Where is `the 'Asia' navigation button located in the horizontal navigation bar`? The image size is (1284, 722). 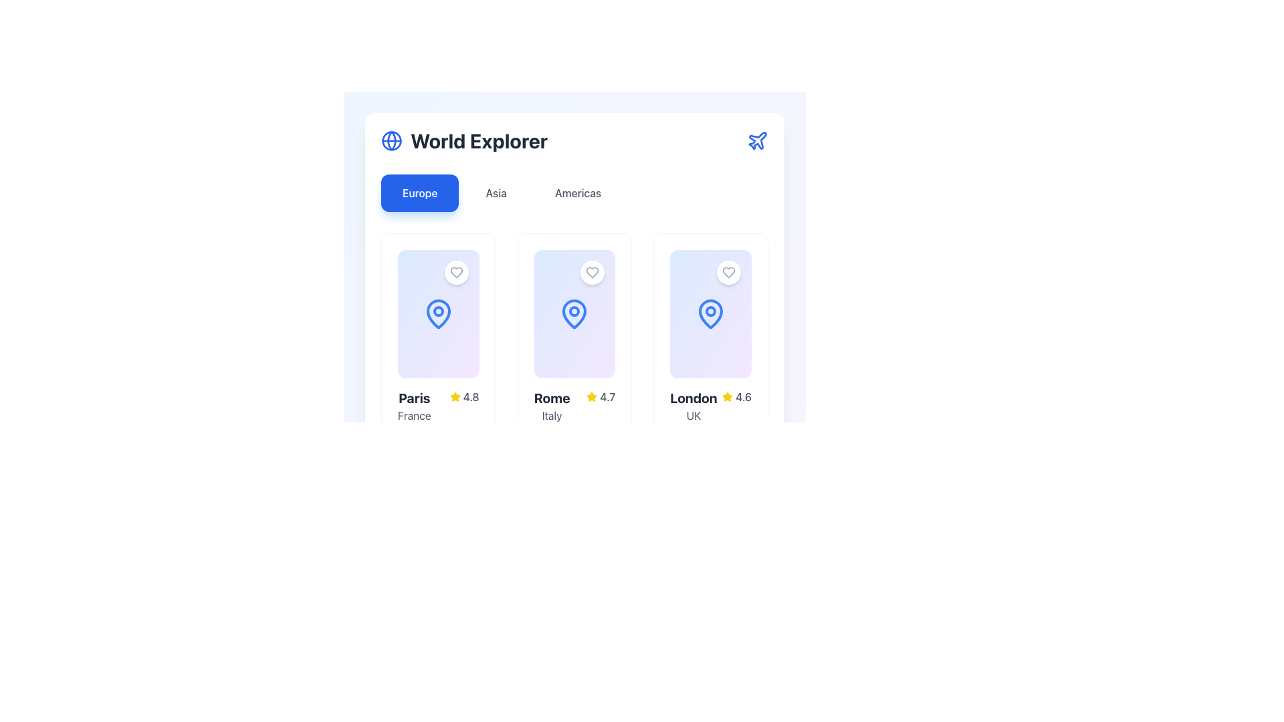
the 'Asia' navigation button located in the horizontal navigation bar is located at coordinates (496, 193).